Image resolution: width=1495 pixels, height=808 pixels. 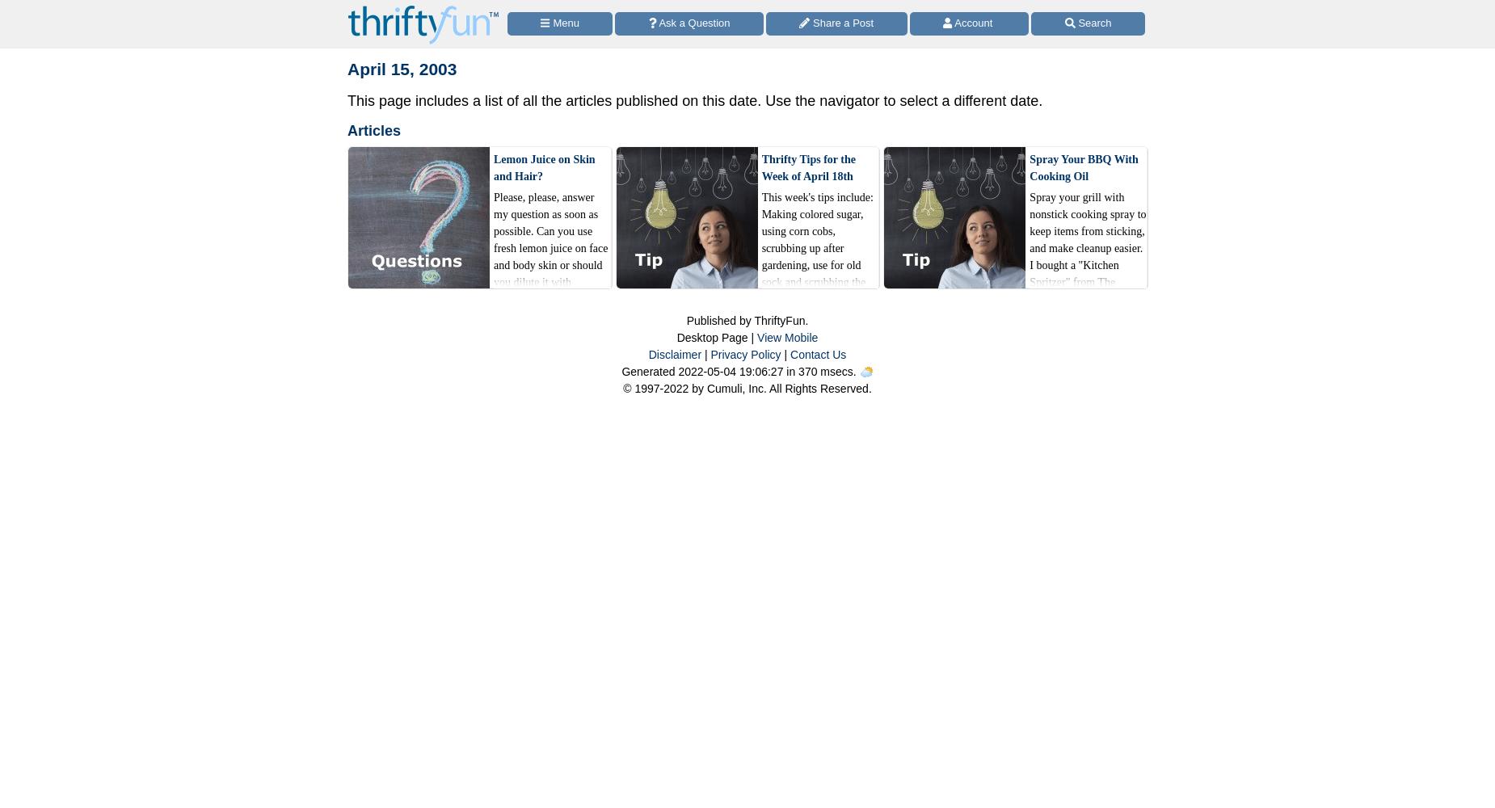 I want to click on 'Share a Post', so click(x=808, y=22).